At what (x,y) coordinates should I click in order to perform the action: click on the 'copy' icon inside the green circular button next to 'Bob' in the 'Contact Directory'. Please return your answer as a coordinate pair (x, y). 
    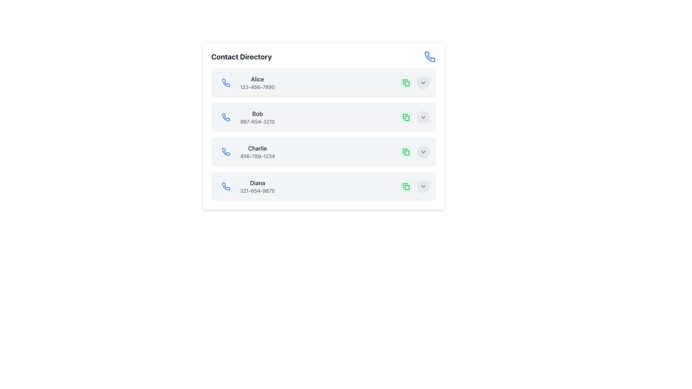
    Looking at the image, I should click on (406, 186).